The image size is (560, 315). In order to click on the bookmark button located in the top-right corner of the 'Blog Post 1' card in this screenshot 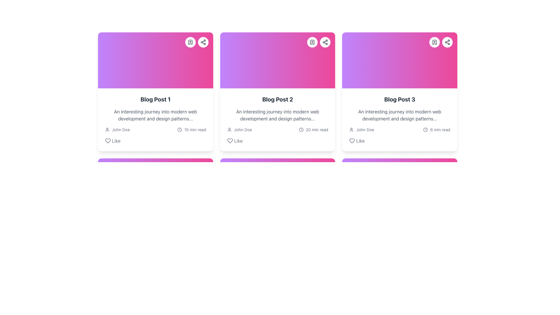, I will do `click(190, 42)`.